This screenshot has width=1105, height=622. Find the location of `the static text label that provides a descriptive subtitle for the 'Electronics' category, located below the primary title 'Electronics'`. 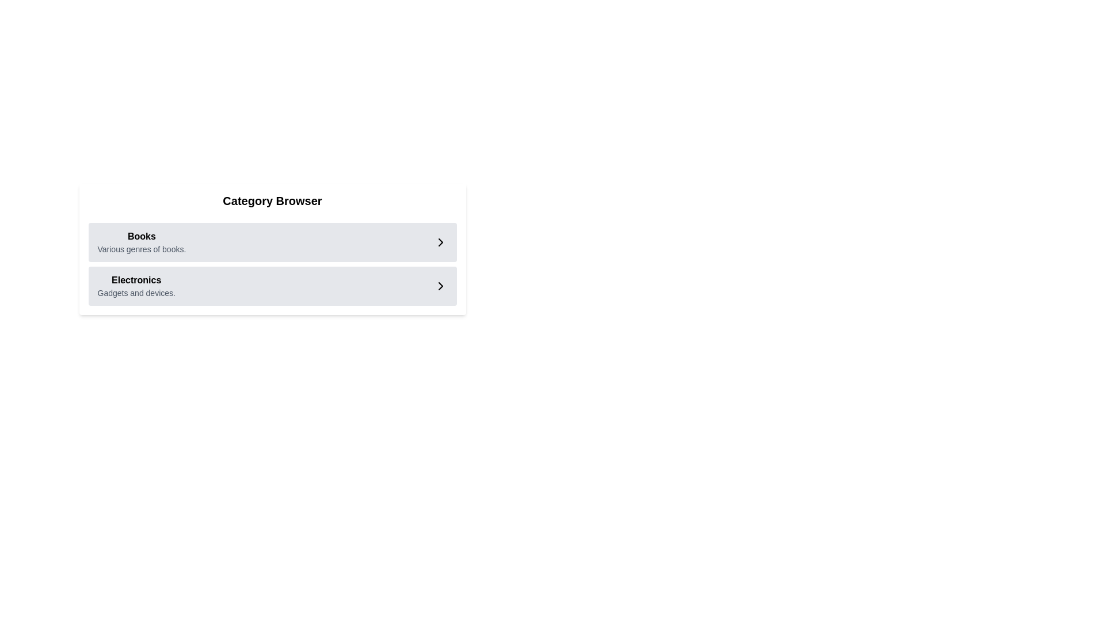

the static text label that provides a descriptive subtitle for the 'Electronics' category, located below the primary title 'Electronics' is located at coordinates (136, 293).